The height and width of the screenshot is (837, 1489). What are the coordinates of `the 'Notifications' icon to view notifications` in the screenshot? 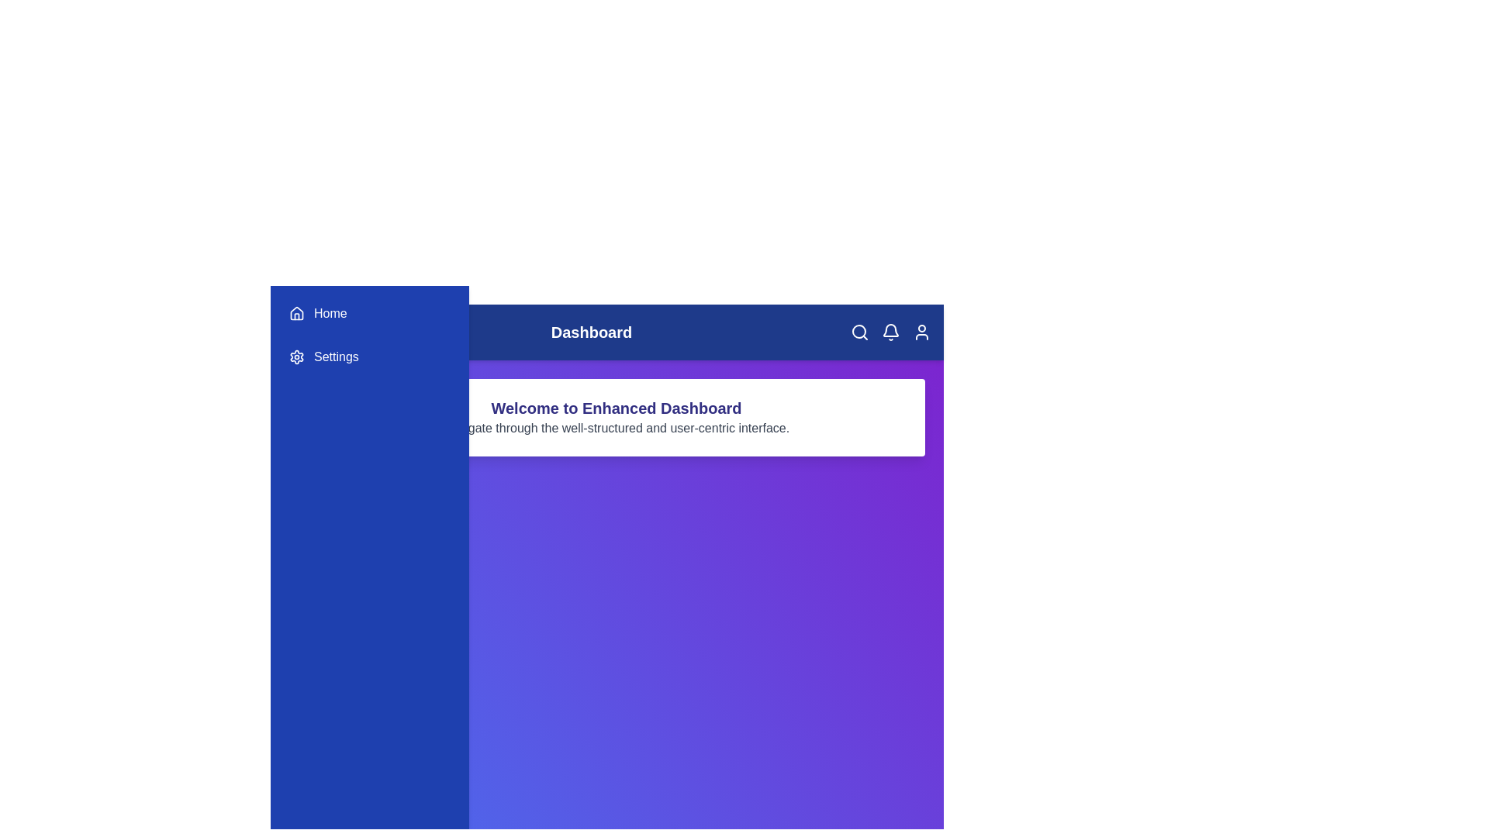 It's located at (890, 331).